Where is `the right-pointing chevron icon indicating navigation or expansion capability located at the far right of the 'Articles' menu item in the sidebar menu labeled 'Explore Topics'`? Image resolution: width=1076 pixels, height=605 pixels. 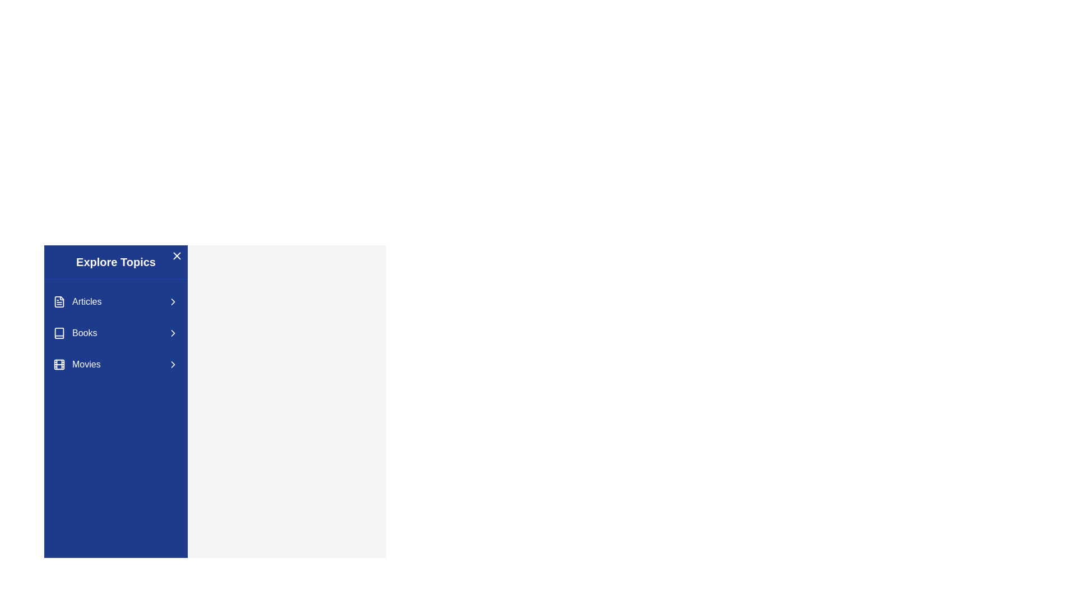 the right-pointing chevron icon indicating navigation or expansion capability located at the far right of the 'Articles' menu item in the sidebar menu labeled 'Explore Topics' is located at coordinates (172, 301).